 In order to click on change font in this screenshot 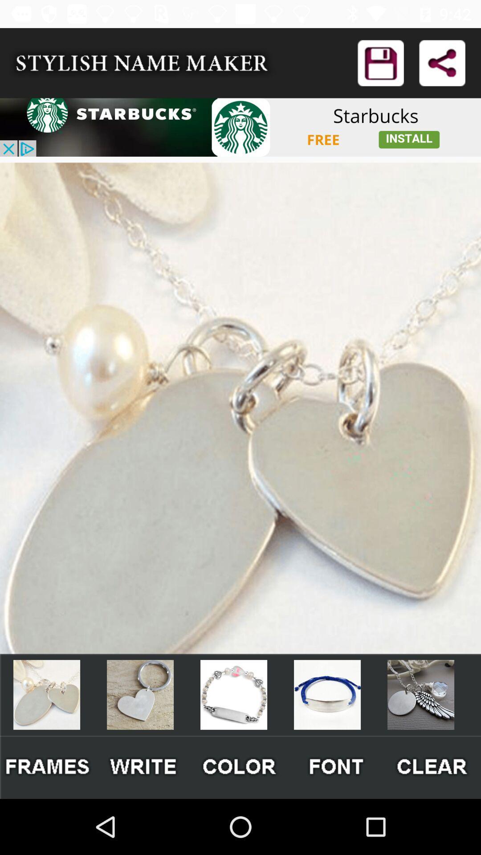, I will do `click(337, 767)`.